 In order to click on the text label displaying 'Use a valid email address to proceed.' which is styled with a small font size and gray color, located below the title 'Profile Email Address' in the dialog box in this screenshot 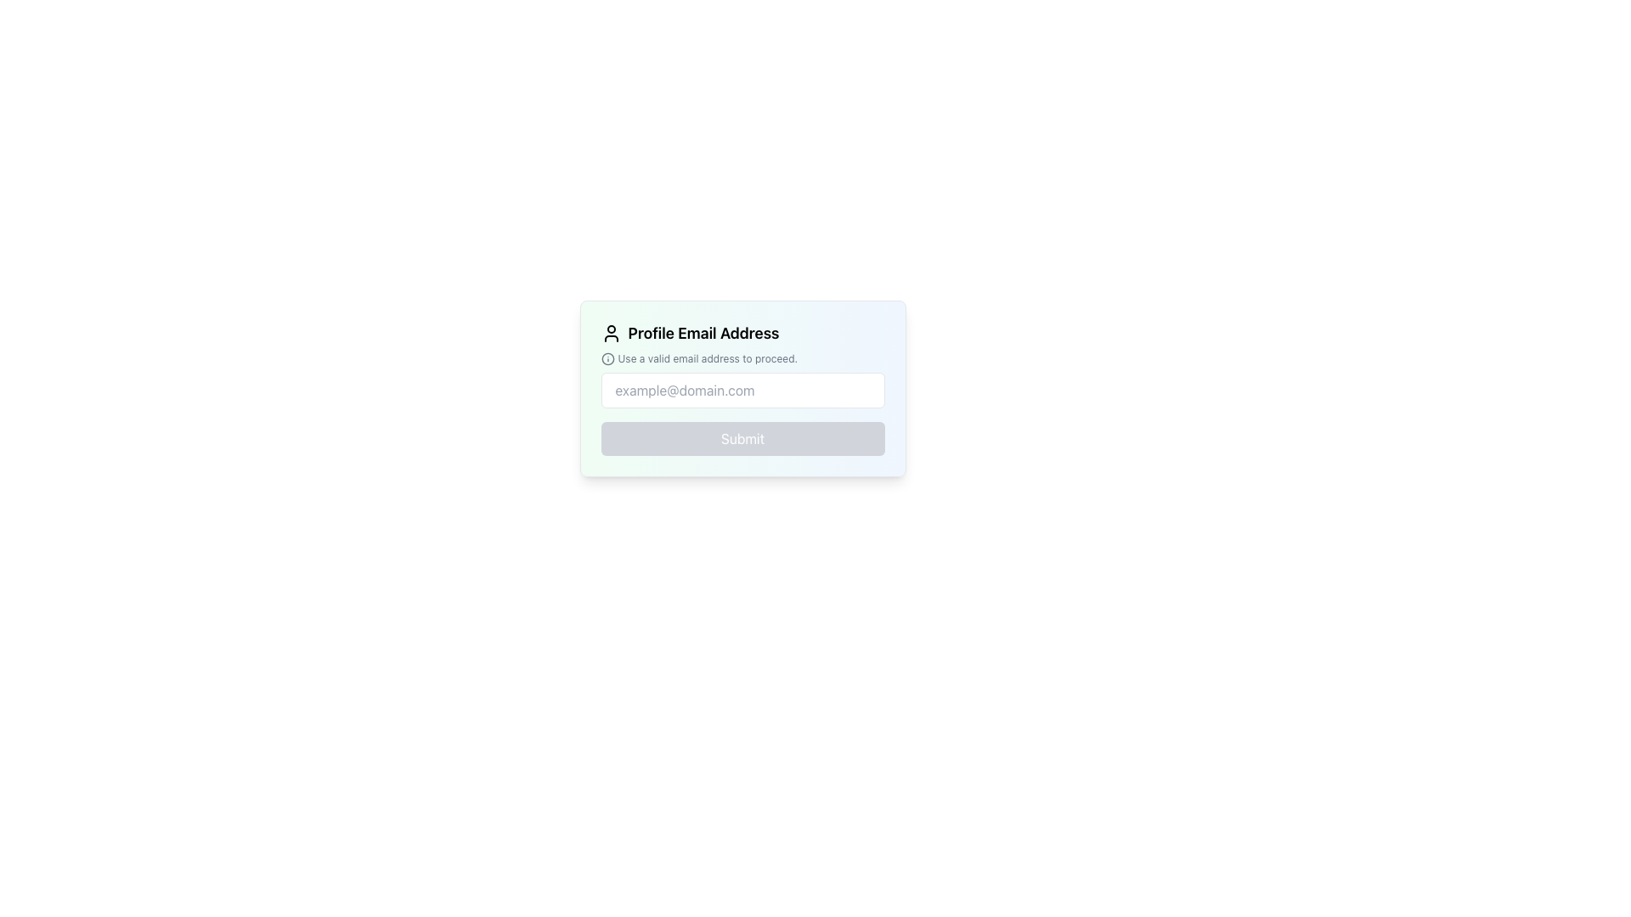, I will do `click(742, 358)`.